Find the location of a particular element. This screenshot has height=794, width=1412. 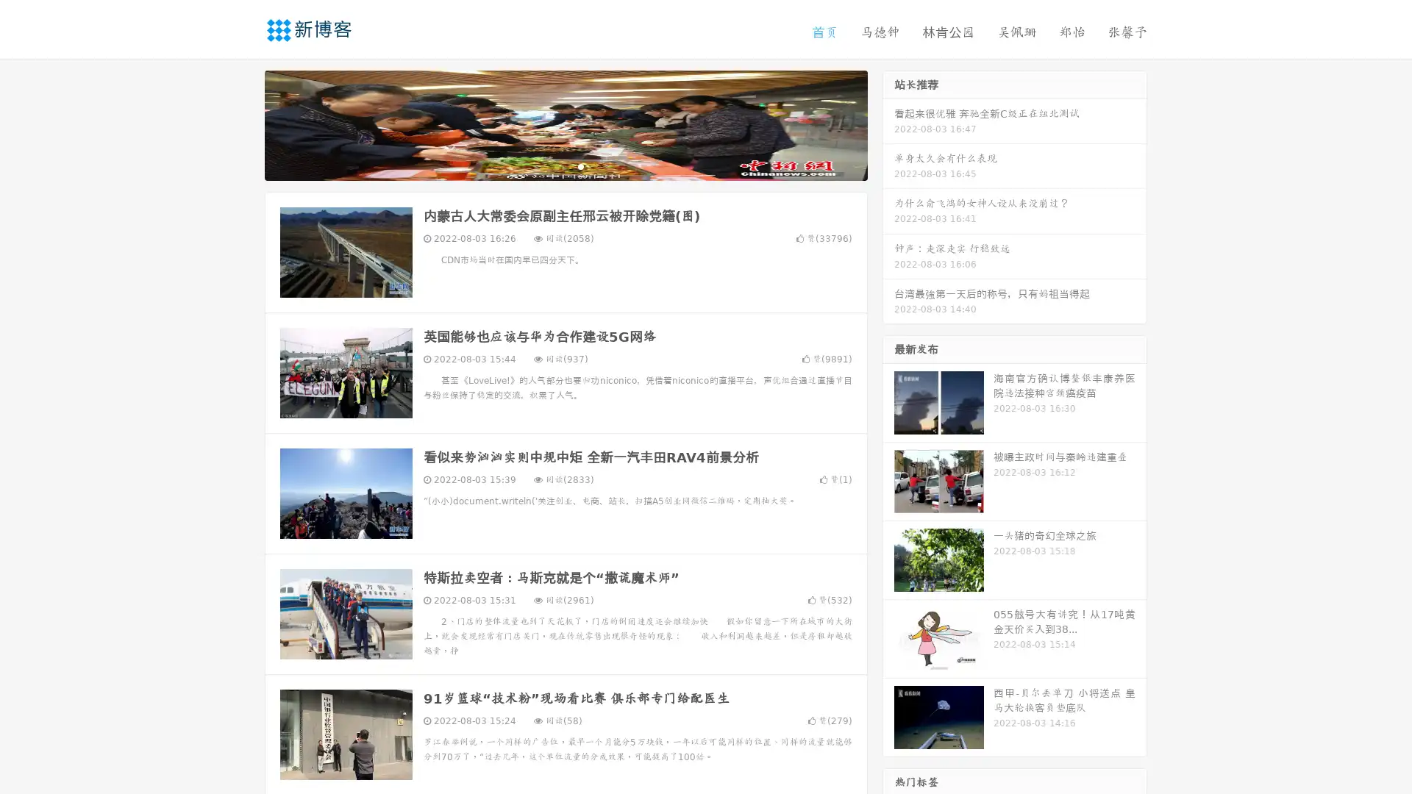

Next slide is located at coordinates (888, 124).